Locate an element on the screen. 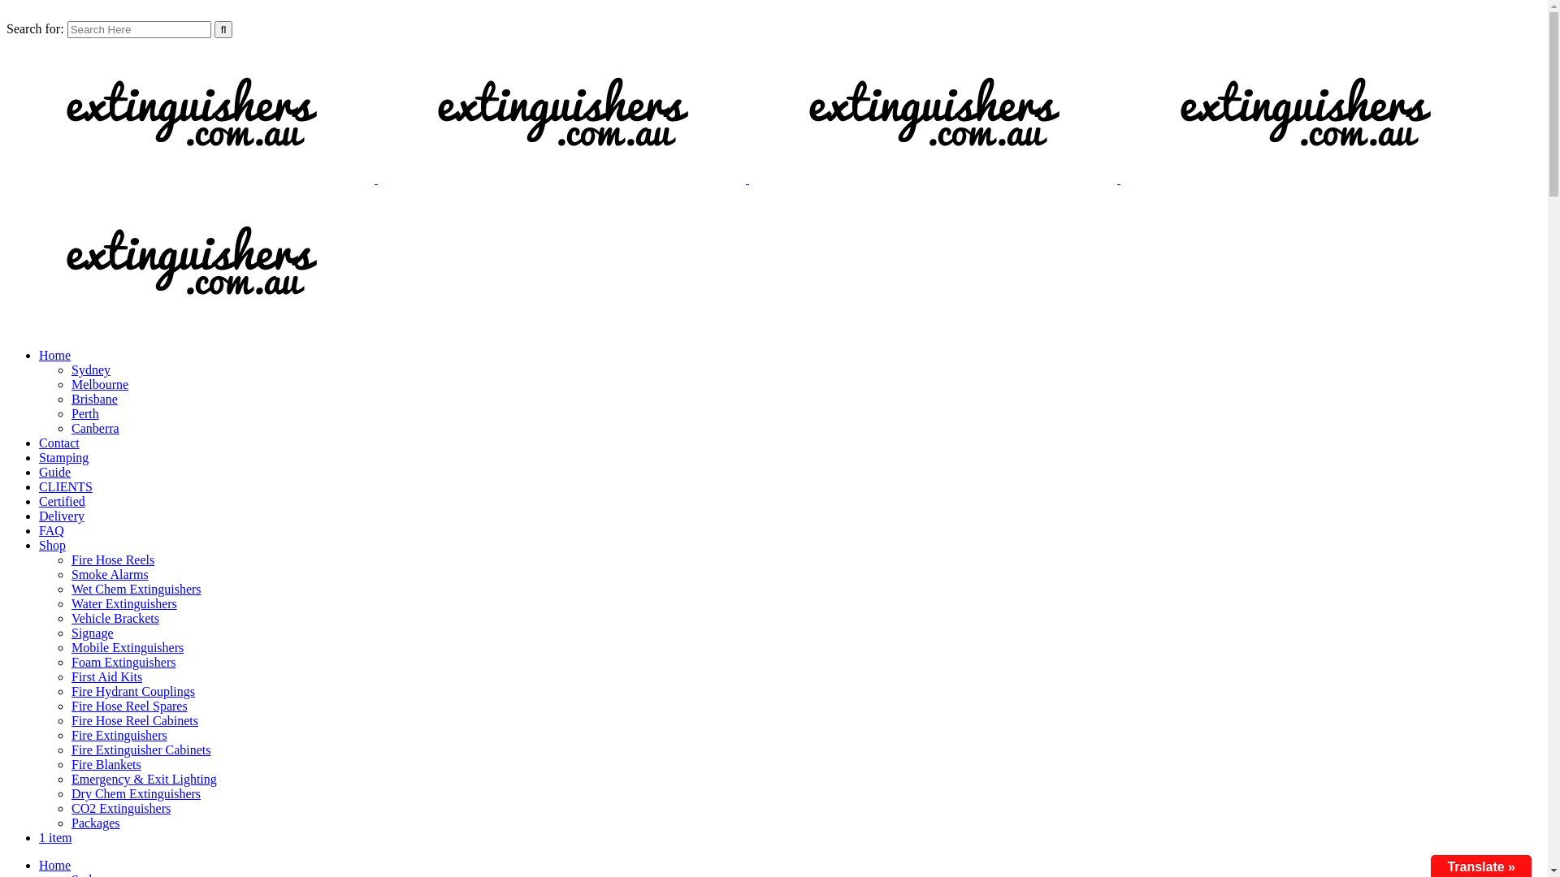  'Perth' is located at coordinates (84, 413).